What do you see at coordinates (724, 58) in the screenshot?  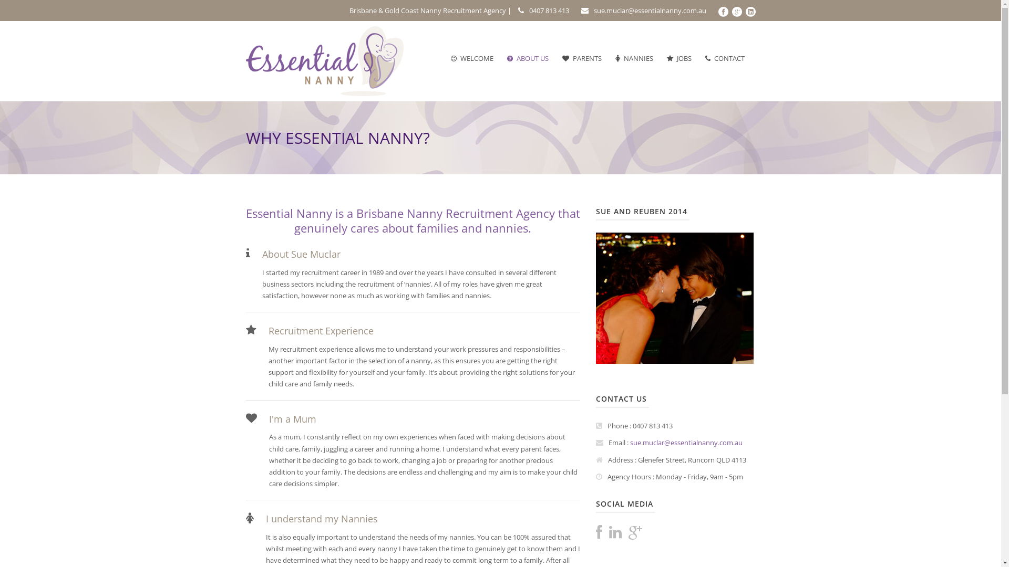 I see `'CONTACT'` at bounding box center [724, 58].